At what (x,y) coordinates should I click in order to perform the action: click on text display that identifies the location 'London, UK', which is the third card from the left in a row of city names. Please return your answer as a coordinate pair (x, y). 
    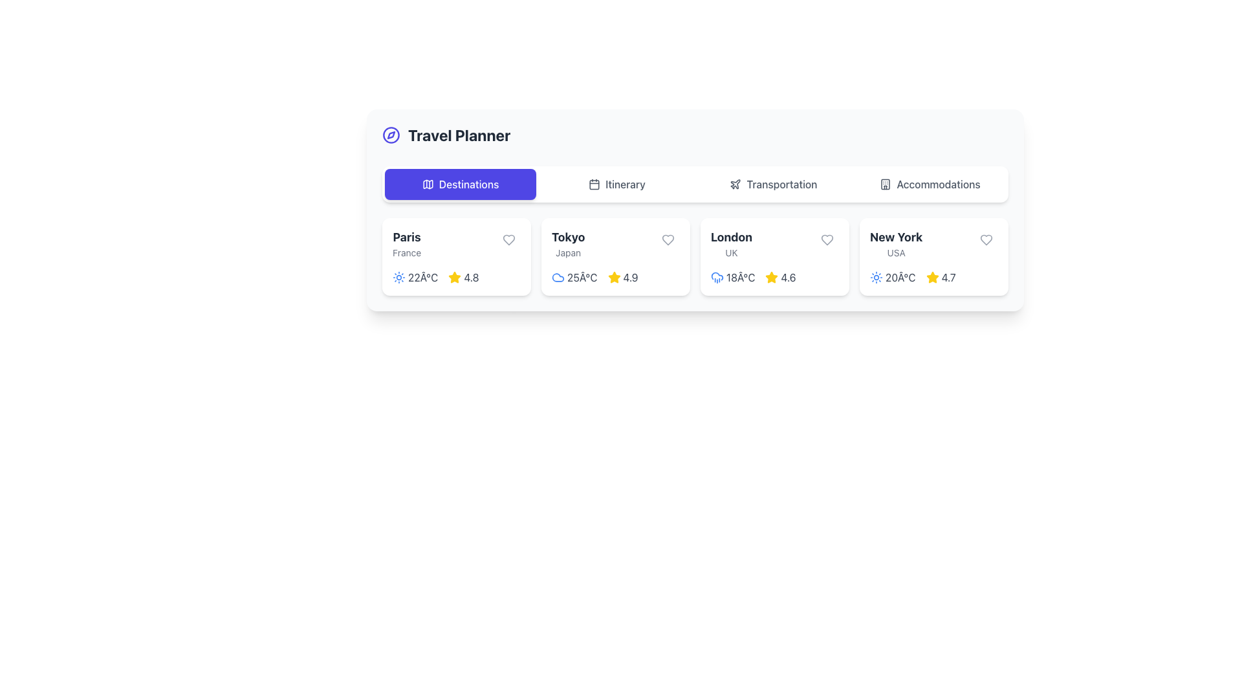
    Looking at the image, I should click on (732, 244).